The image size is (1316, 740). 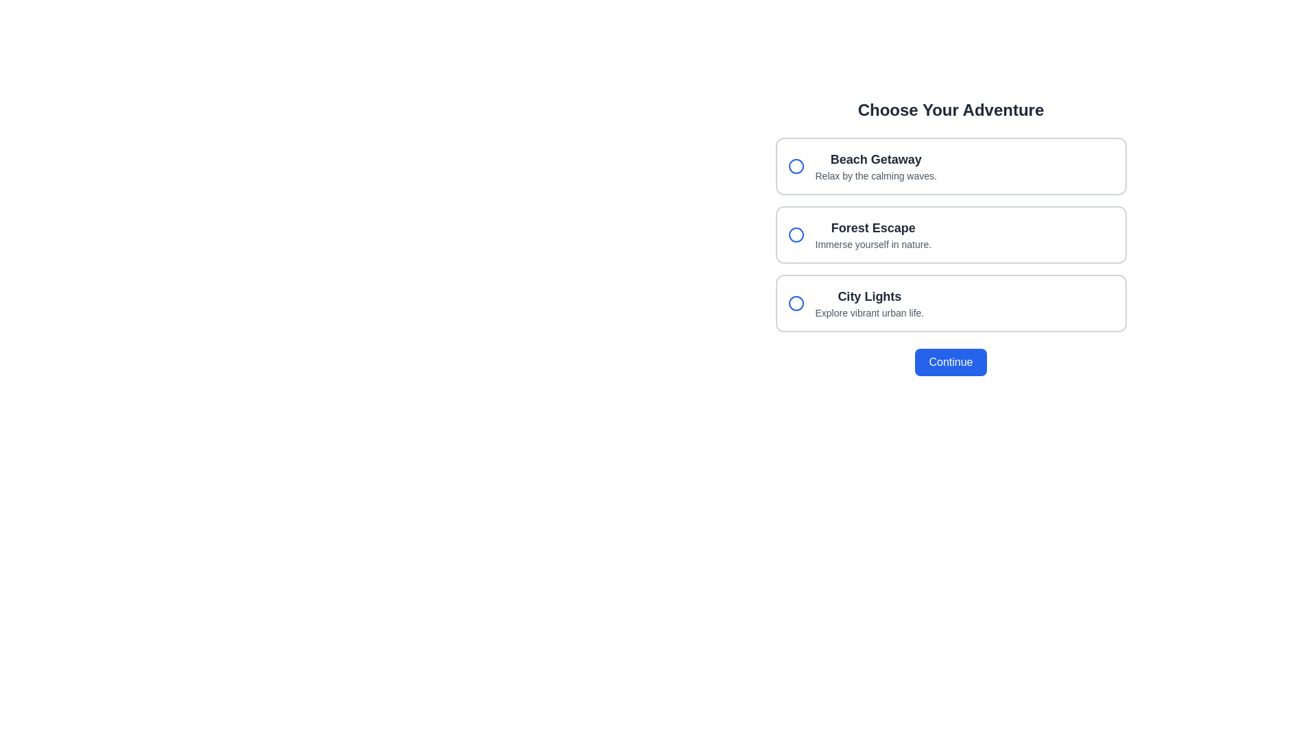 What do you see at coordinates (950, 303) in the screenshot?
I see `the 'City Lights' radio button, which is the third item in the list located between 'Forest Escape' and the 'Continue' button` at bounding box center [950, 303].